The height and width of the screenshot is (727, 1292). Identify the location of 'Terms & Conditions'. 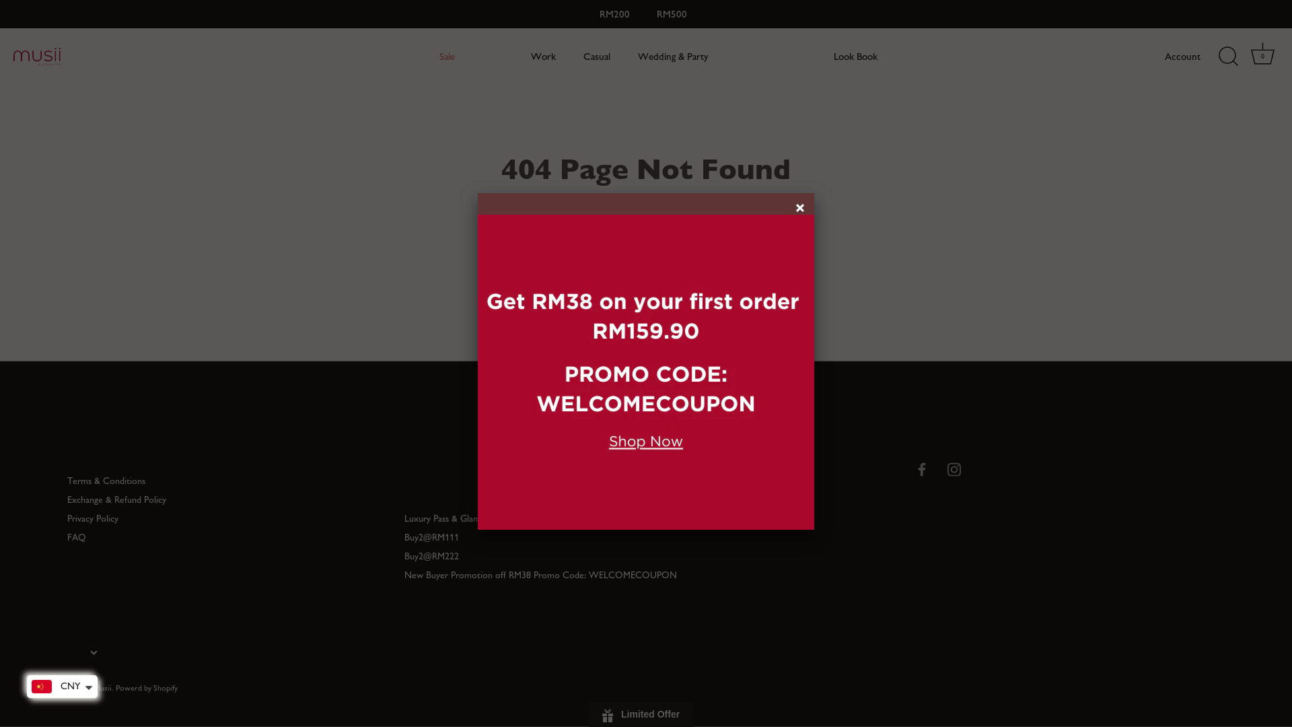
(106, 480).